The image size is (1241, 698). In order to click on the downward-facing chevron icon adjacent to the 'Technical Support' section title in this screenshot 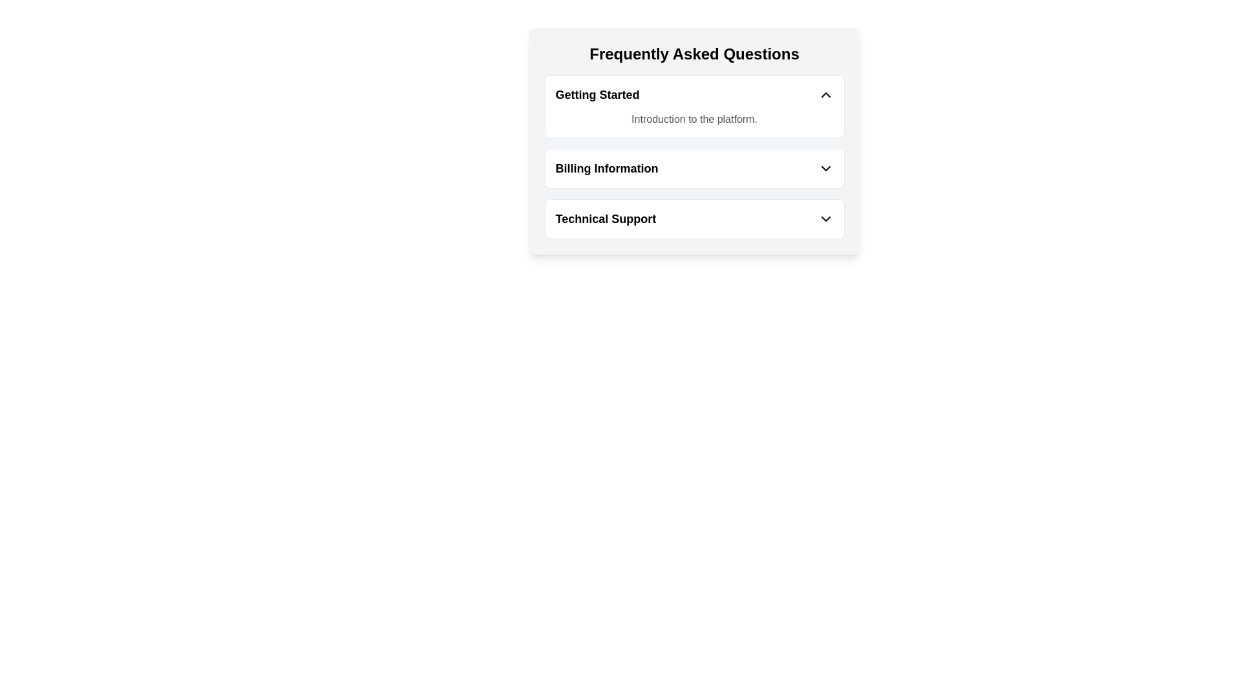, I will do `click(825, 218)`.